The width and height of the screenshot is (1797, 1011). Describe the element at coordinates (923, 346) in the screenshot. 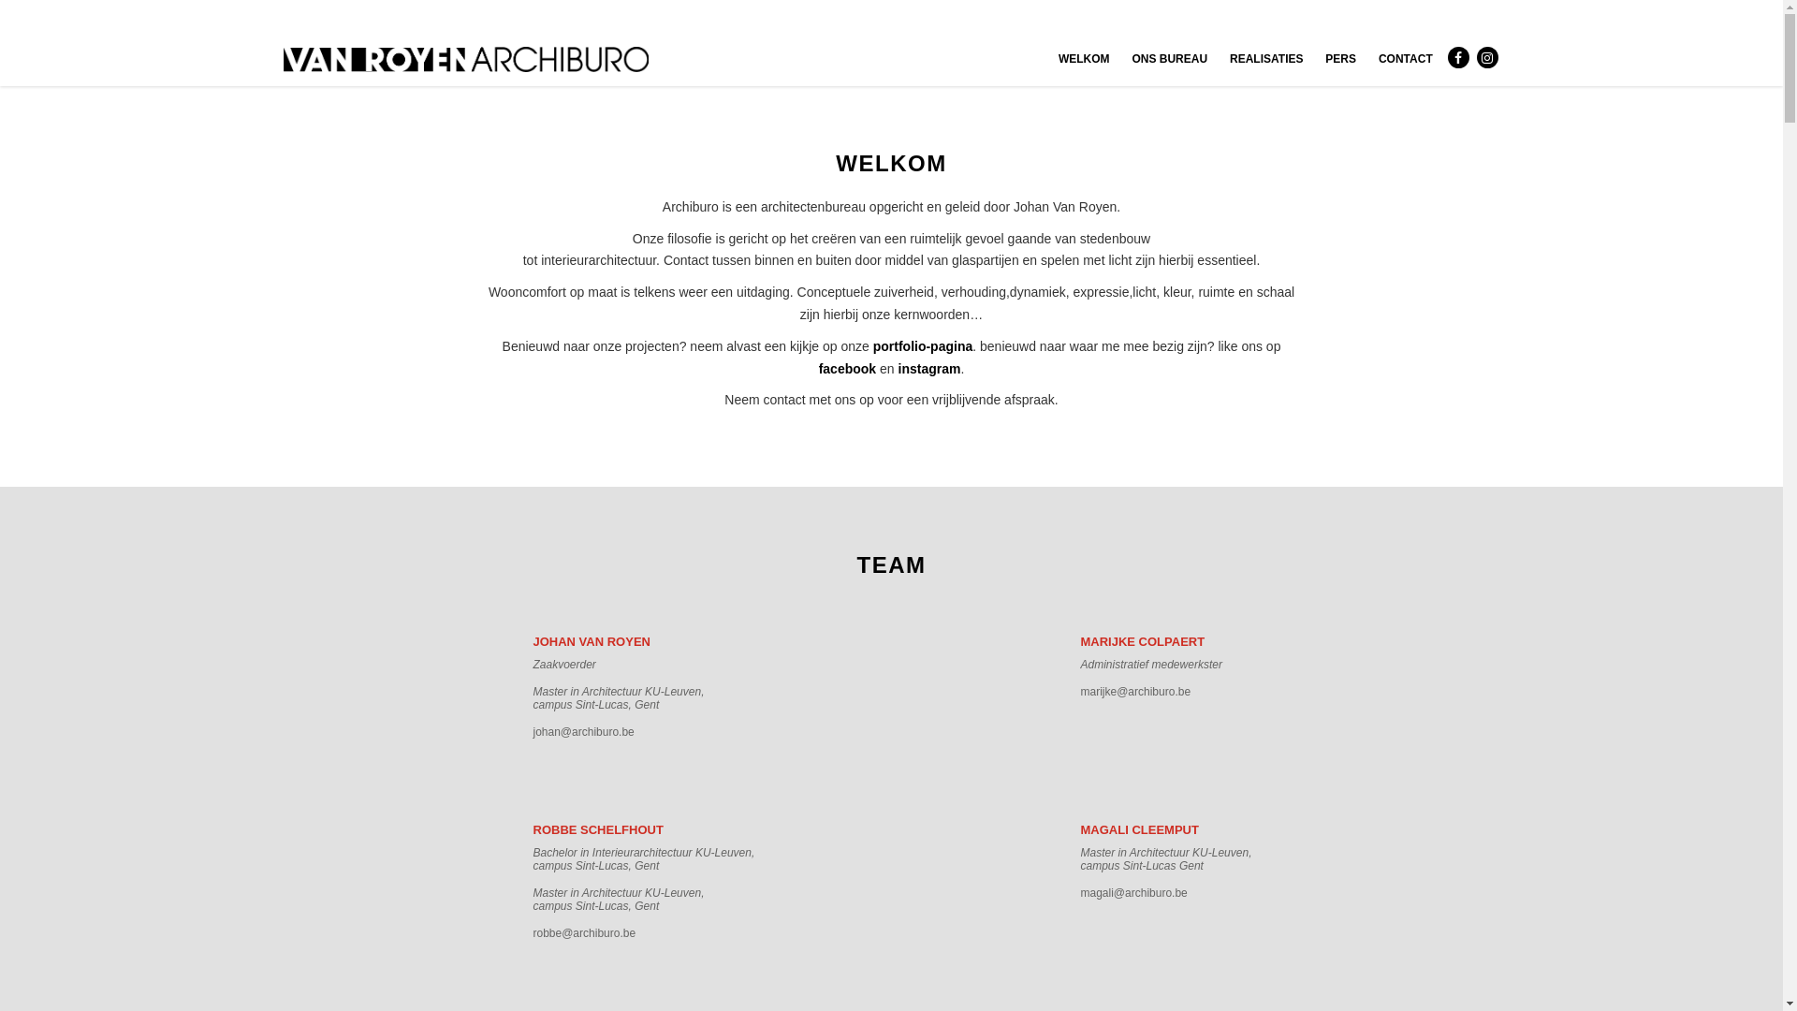

I see `'portfolio-pagina'` at that location.